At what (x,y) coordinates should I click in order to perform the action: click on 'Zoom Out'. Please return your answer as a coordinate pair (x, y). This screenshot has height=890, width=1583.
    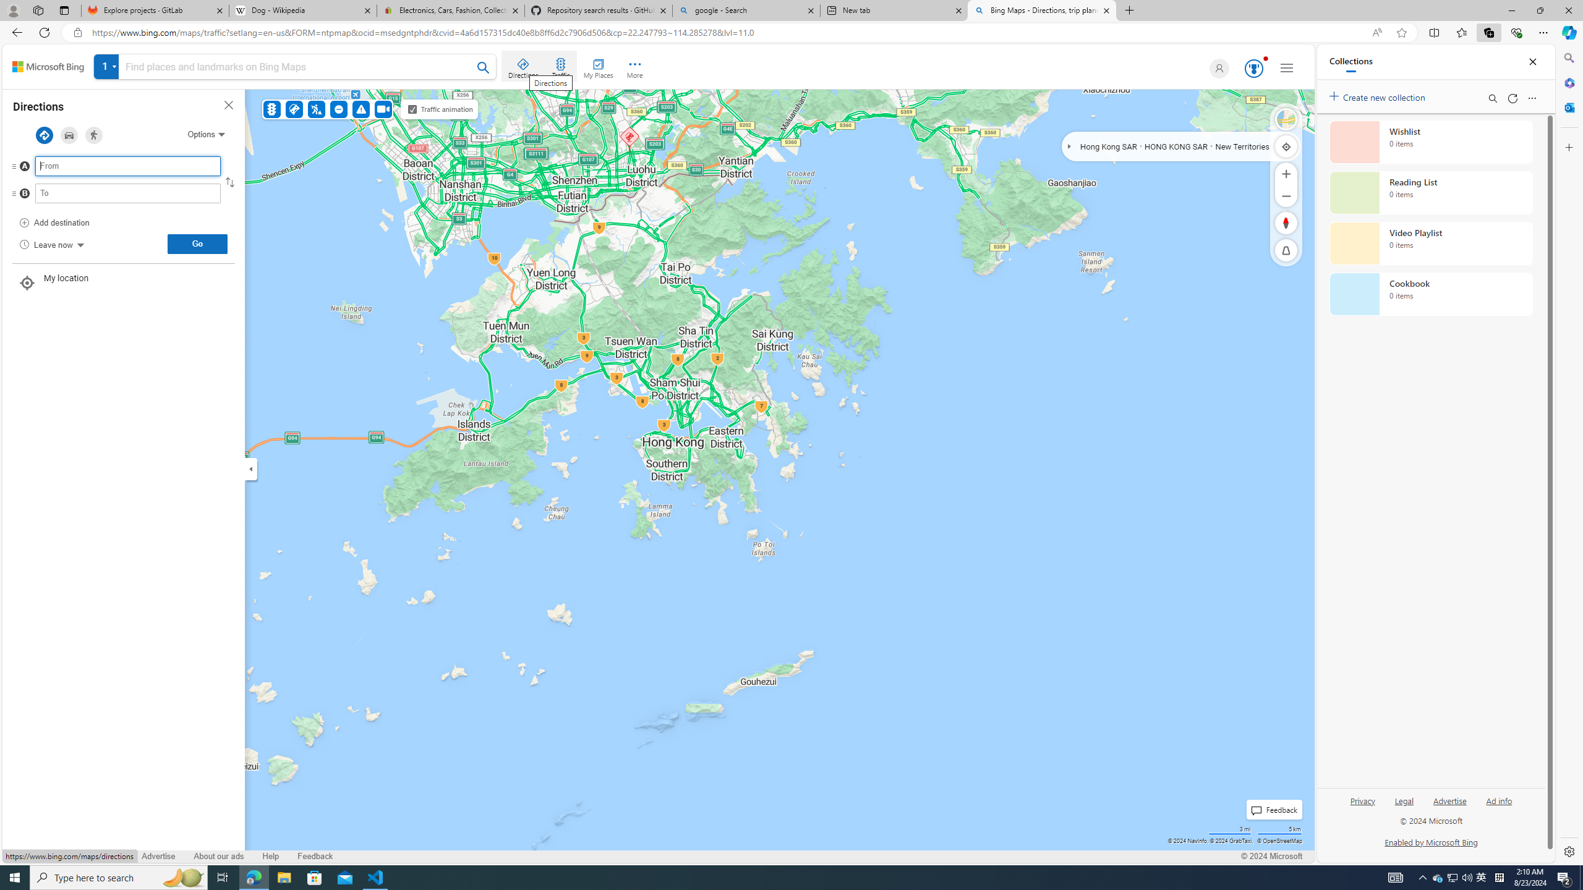
    Looking at the image, I should click on (1286, 196).